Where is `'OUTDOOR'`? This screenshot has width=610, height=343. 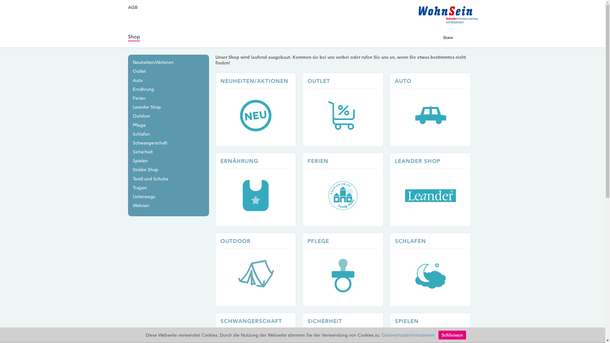 'OUTDOOR' is located at coordinates (235, 241).